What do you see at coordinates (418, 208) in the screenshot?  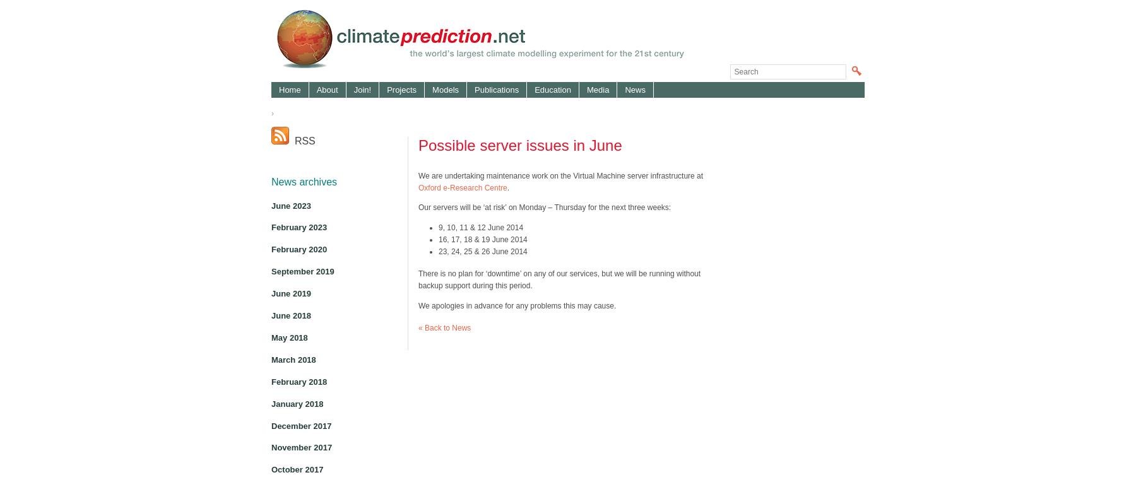 I see `'Our servers will be ‘at risk’ on Monday – Thursday for the next three weeks:'` at bounding box center [418, 208].